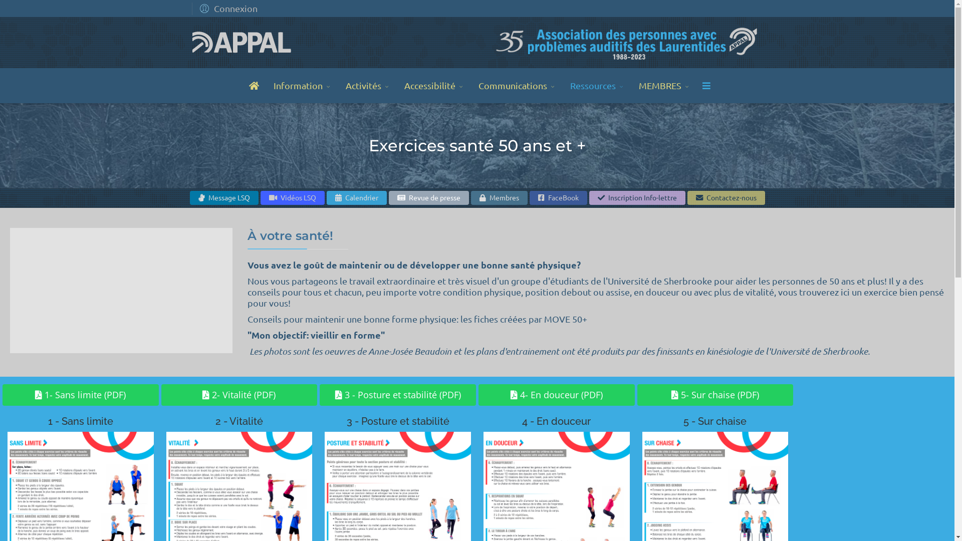 The image size is (962, 541). I want to click on 'Calendrier', so click(327, 197).